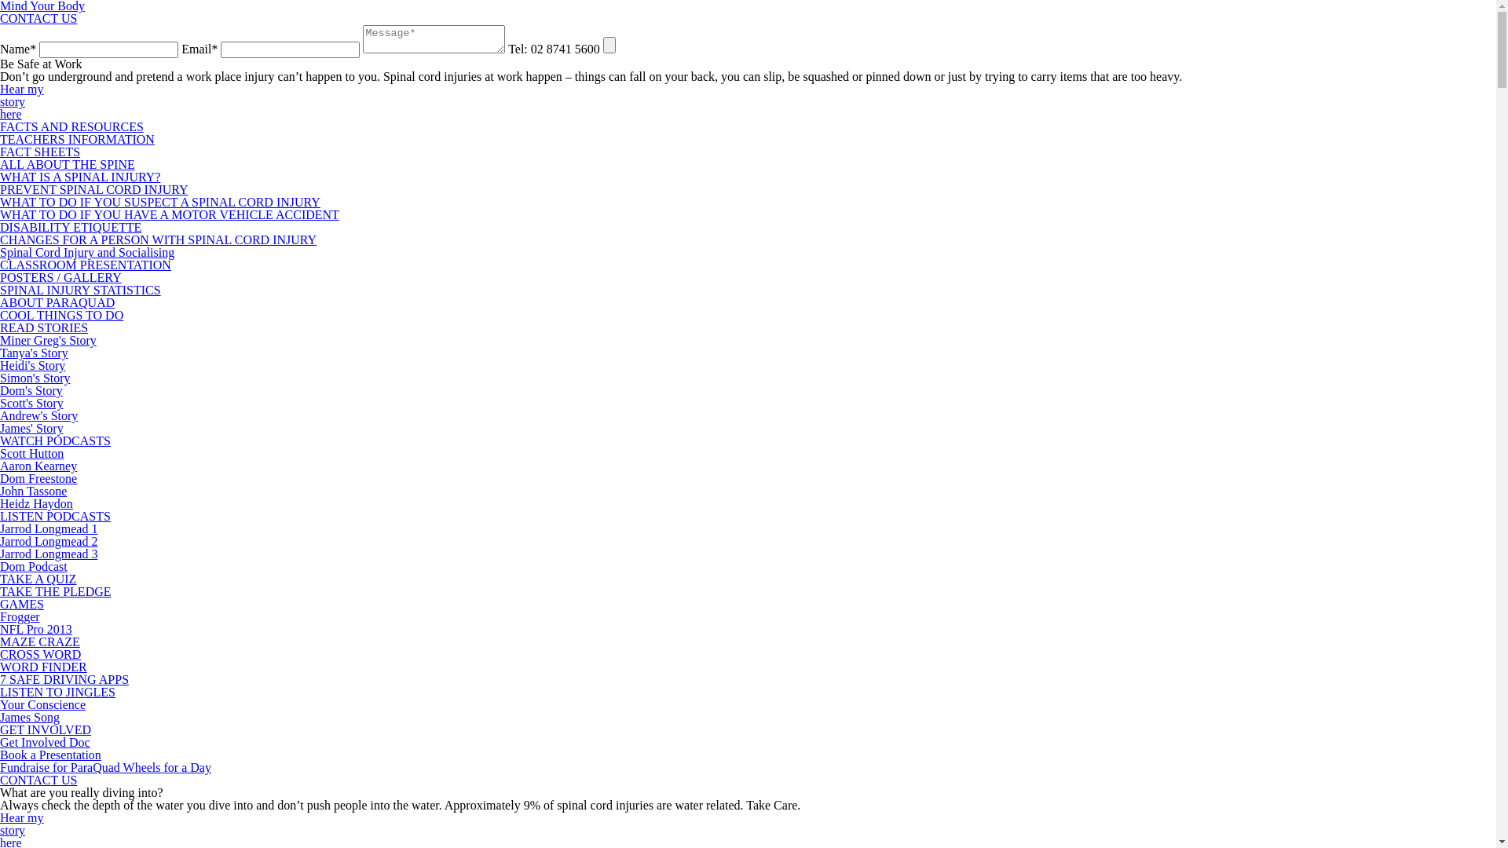 This screenshot has width=1508, height=848. Describe the element at coordinates (33, 490) in the screenshot. I see `'John Tassone'` at that location.